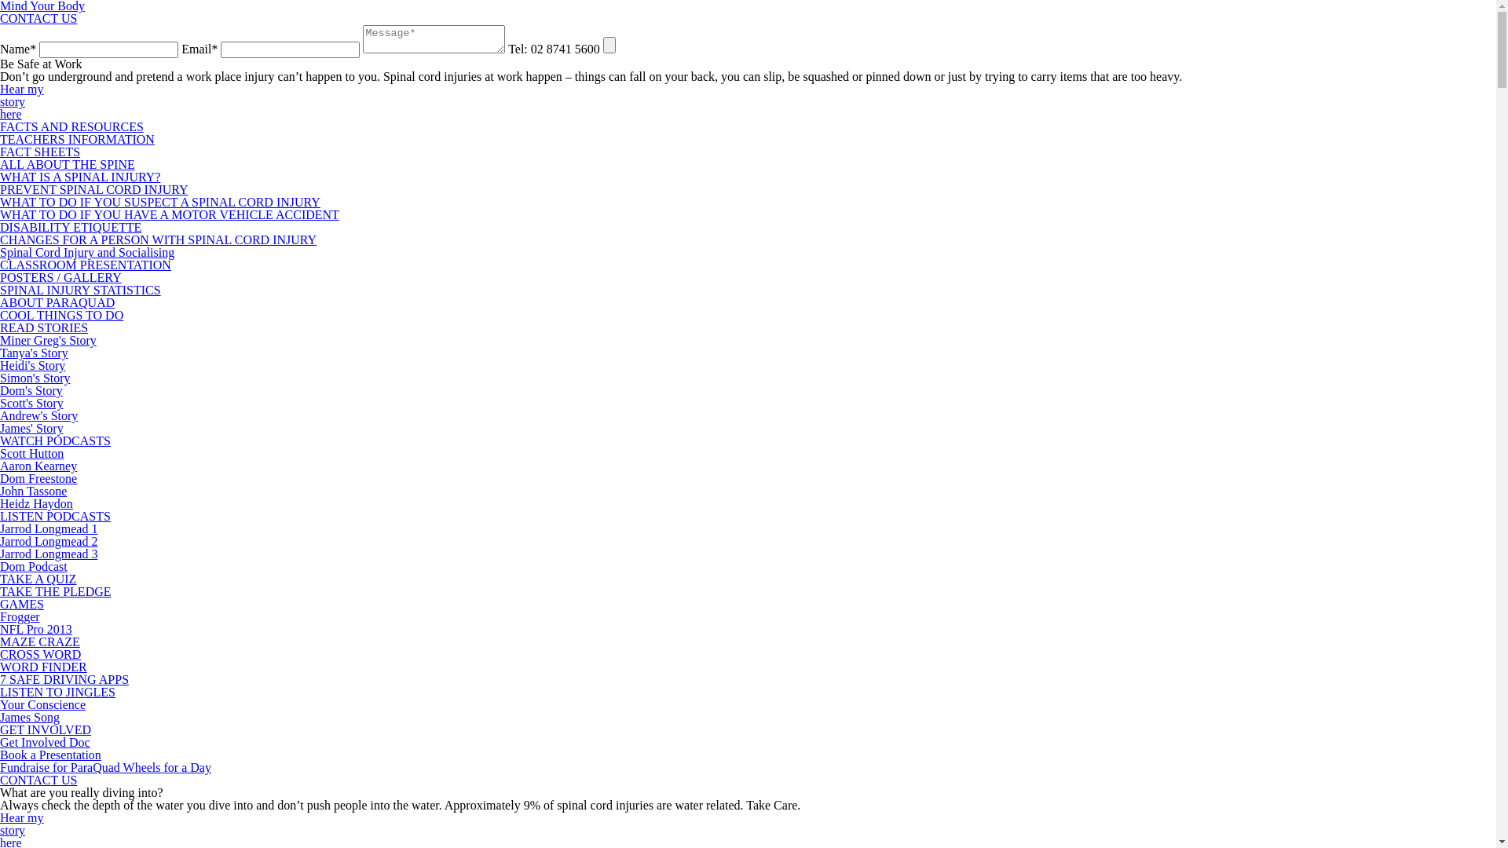 This screenshot has width=1508, height=848. Describe the element at coordinates (33, 490) in the screenshot. I see `'John Tassone'` at that location.